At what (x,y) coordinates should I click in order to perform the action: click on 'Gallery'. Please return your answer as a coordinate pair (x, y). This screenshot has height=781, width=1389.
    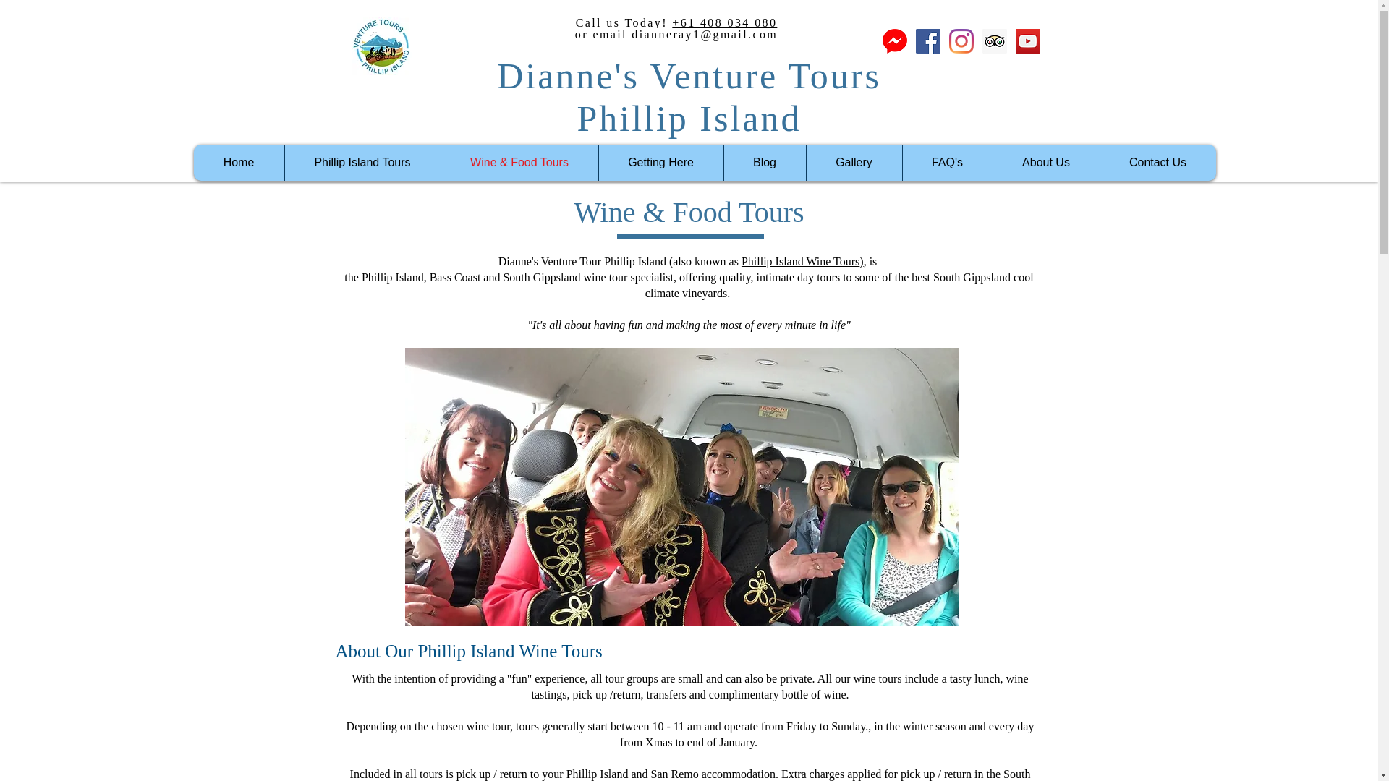
    Looking at the image, I should click on (854, 162).